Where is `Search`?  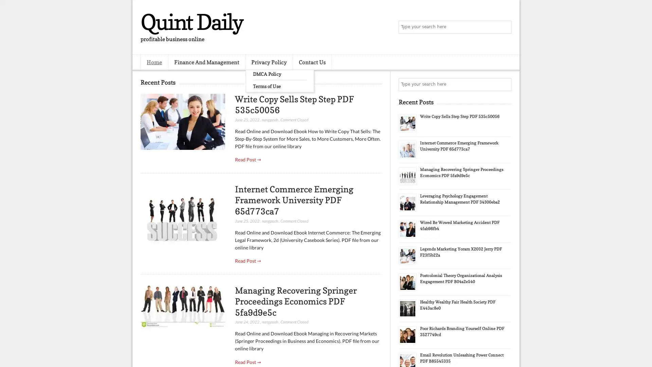
Search is located at coordinates (504, 27).